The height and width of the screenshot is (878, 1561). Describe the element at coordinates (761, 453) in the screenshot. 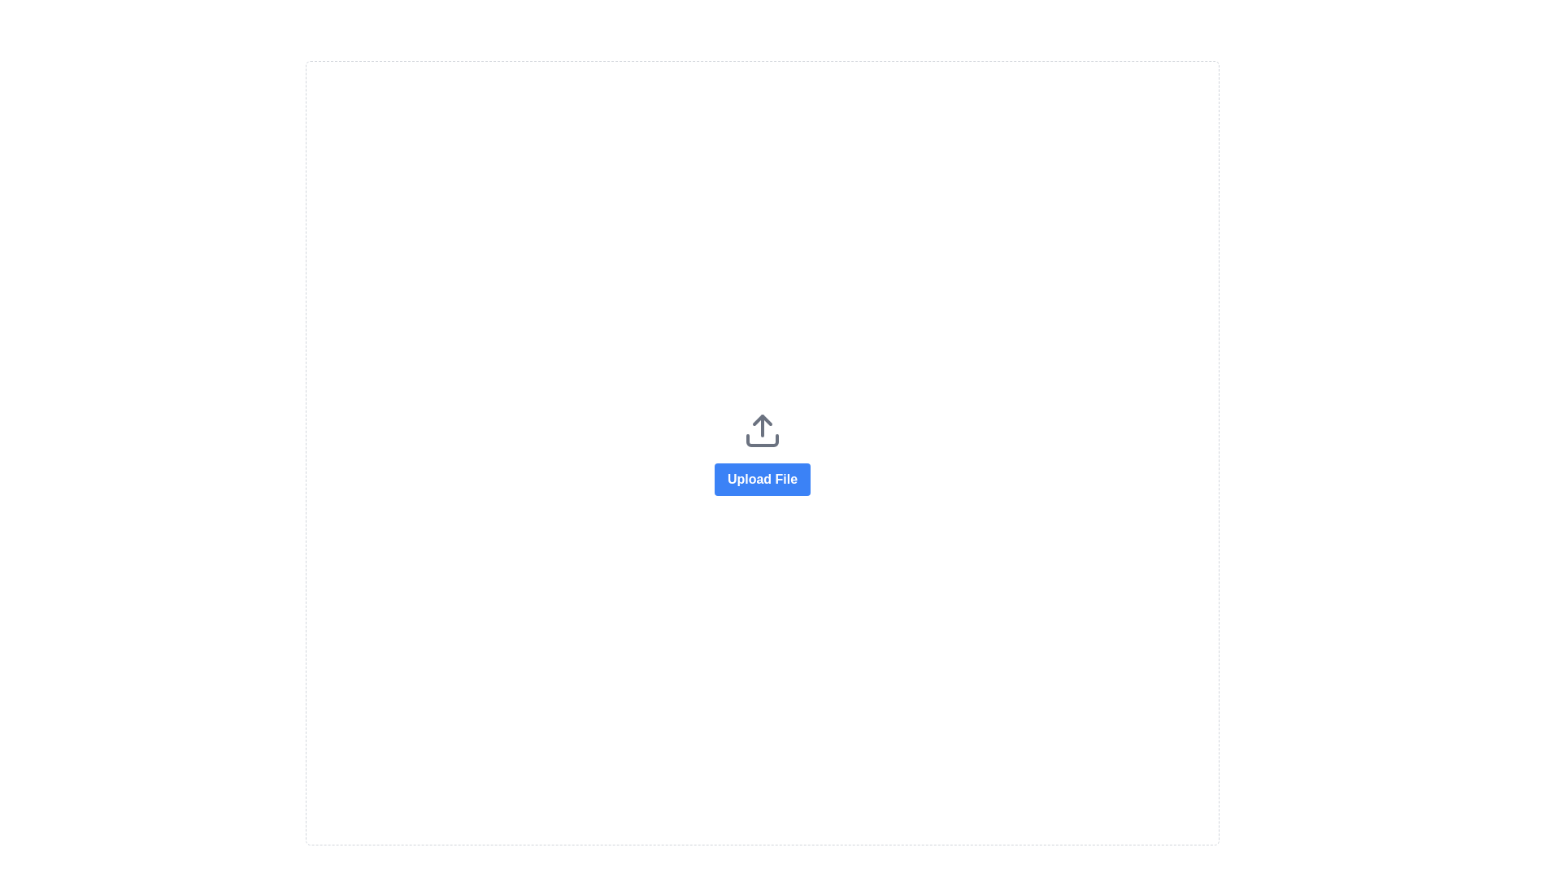

I see `the 'Upload File' button, which is part of a combined graphic and button element located in the center of the layout` at that location.